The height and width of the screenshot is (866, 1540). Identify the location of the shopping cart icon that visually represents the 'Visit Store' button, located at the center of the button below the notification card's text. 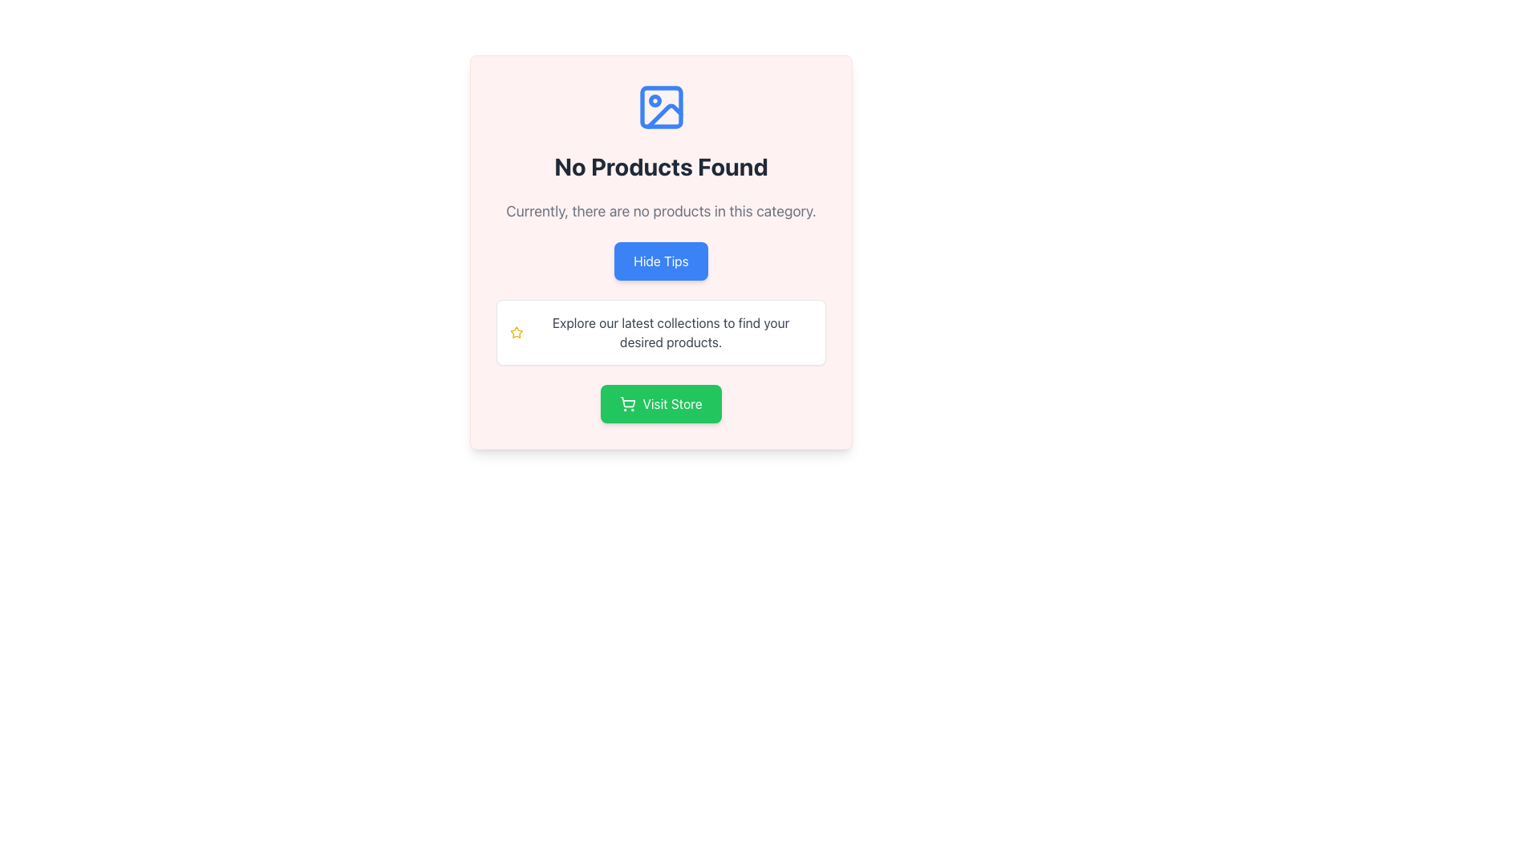
(627, 403).